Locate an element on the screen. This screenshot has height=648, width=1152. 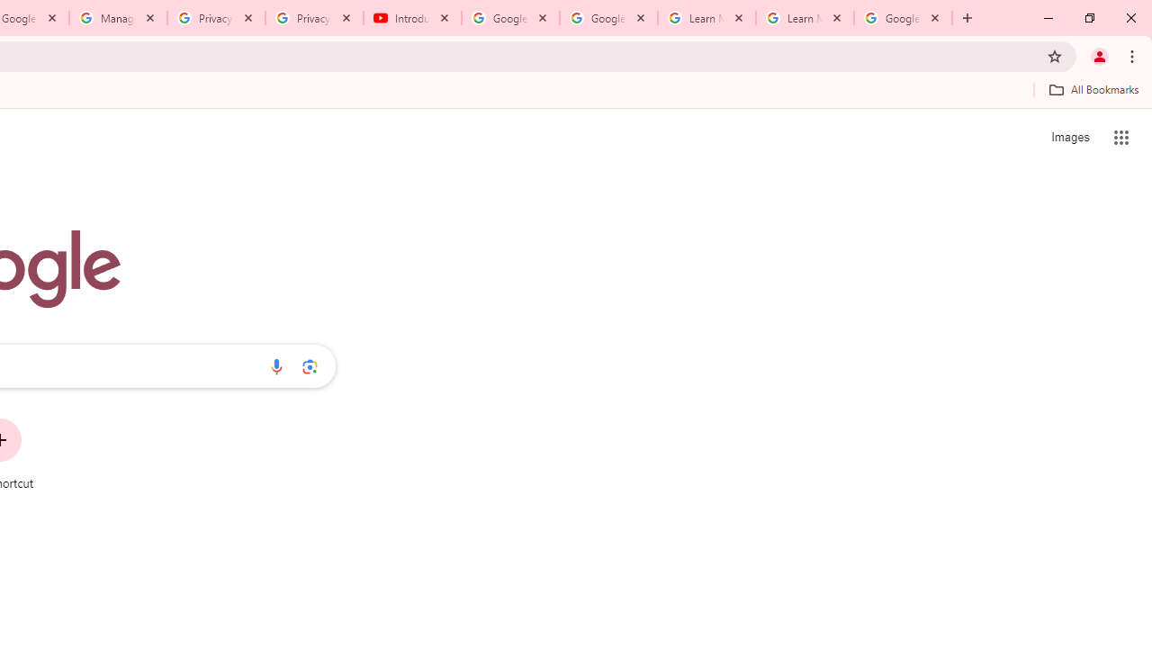
'Search by image' is located at coordinates (310, 365).